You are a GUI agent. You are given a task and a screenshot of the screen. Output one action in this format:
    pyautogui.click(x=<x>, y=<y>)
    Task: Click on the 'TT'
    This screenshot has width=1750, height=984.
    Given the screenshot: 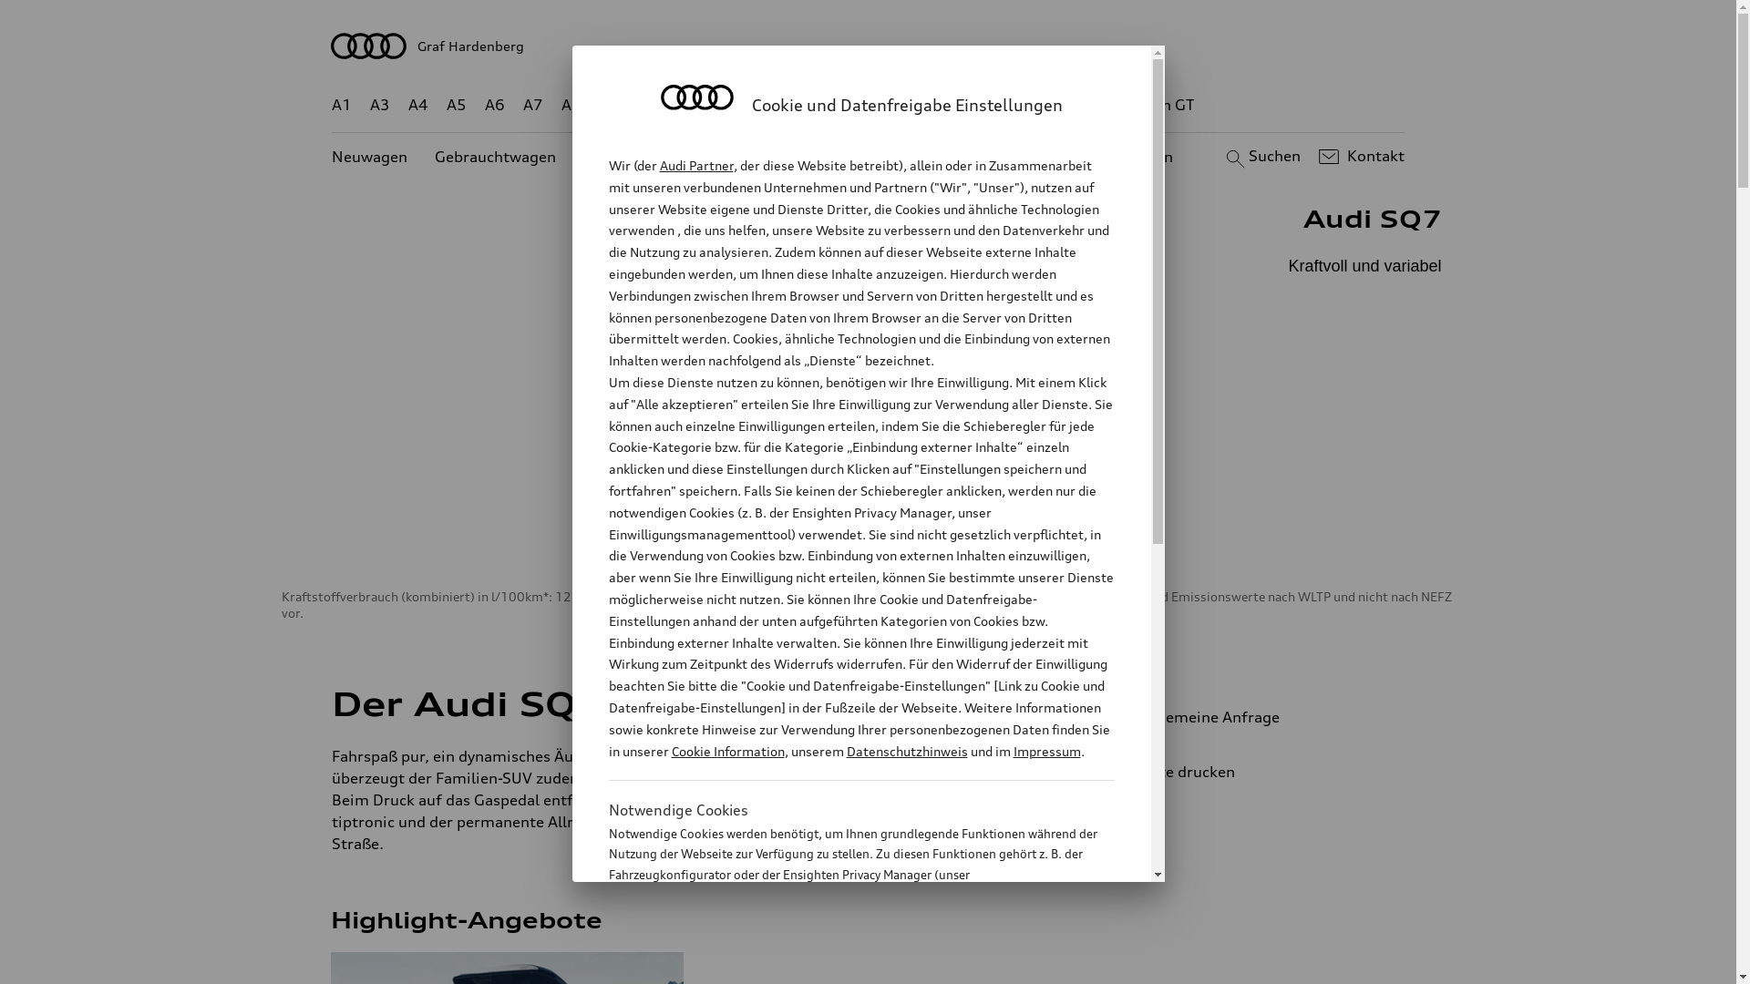 What is the action you would take?
    pyautogui.click(x=979, y=105)
    